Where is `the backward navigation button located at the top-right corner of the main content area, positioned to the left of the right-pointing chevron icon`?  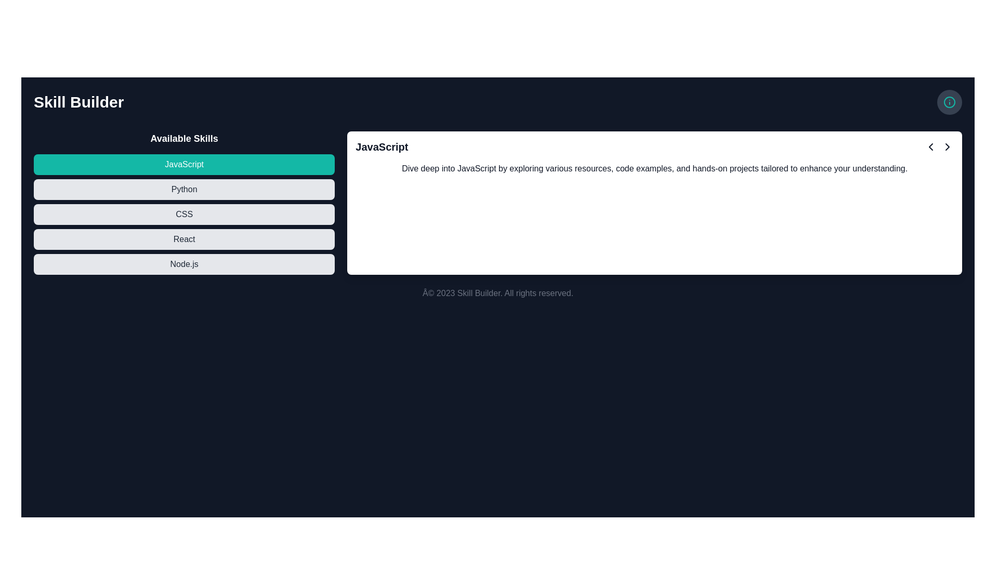 the backward navigation button located at the top-right corner of the main content area, positioned to the left of the right-pointing chevron icon is located at coordinates (930, 146).